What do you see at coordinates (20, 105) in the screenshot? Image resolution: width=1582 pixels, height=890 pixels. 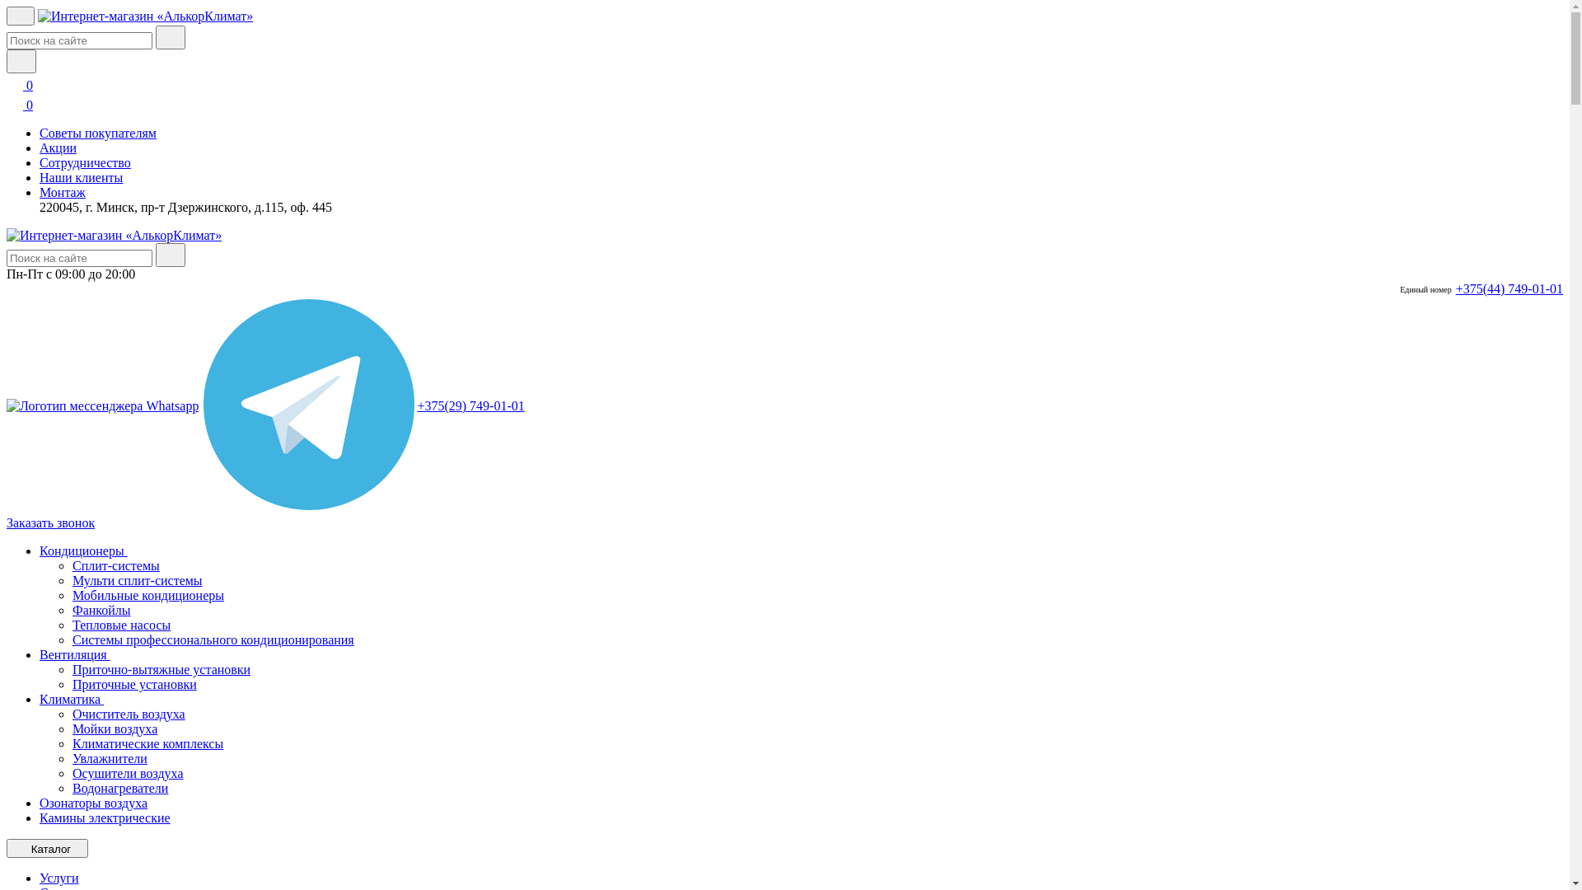 I see `'0'` at bounding box center [20, 105].